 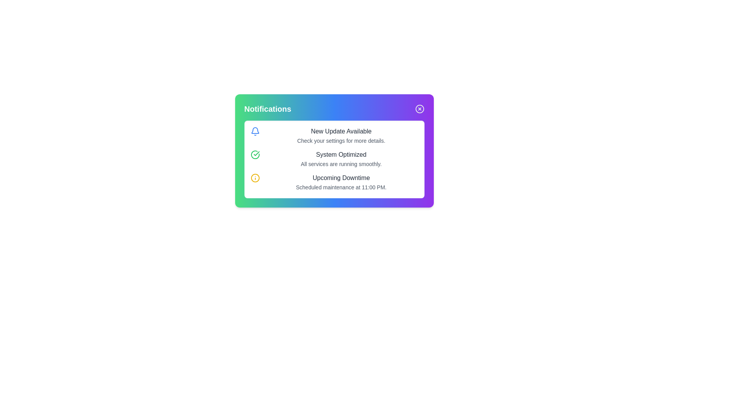 I want to click on the close button located in the top-right corner of the notification panel header, so click(x=419, y=109).